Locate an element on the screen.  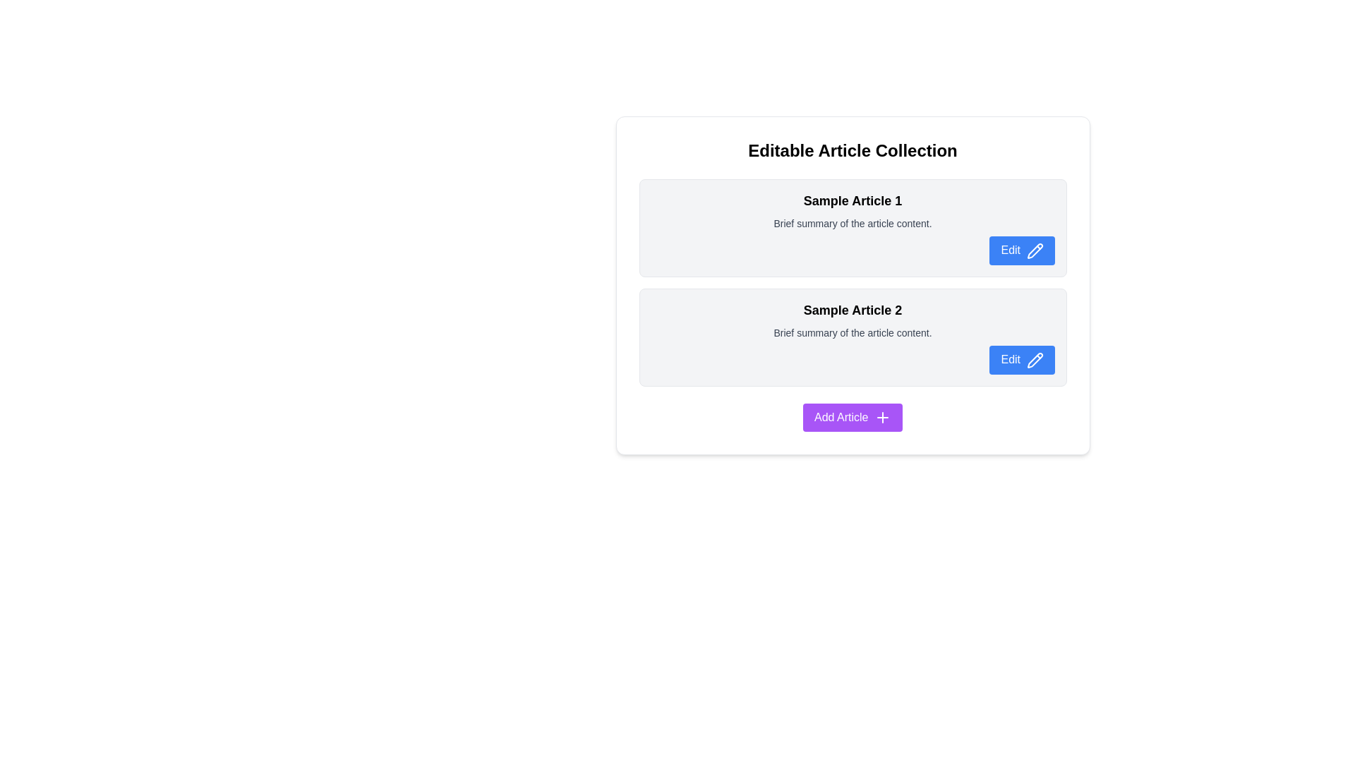
the add article icon located to the right-hand side inside the 'Add Article' button below the list of articles is located at coordinates (881, 417).